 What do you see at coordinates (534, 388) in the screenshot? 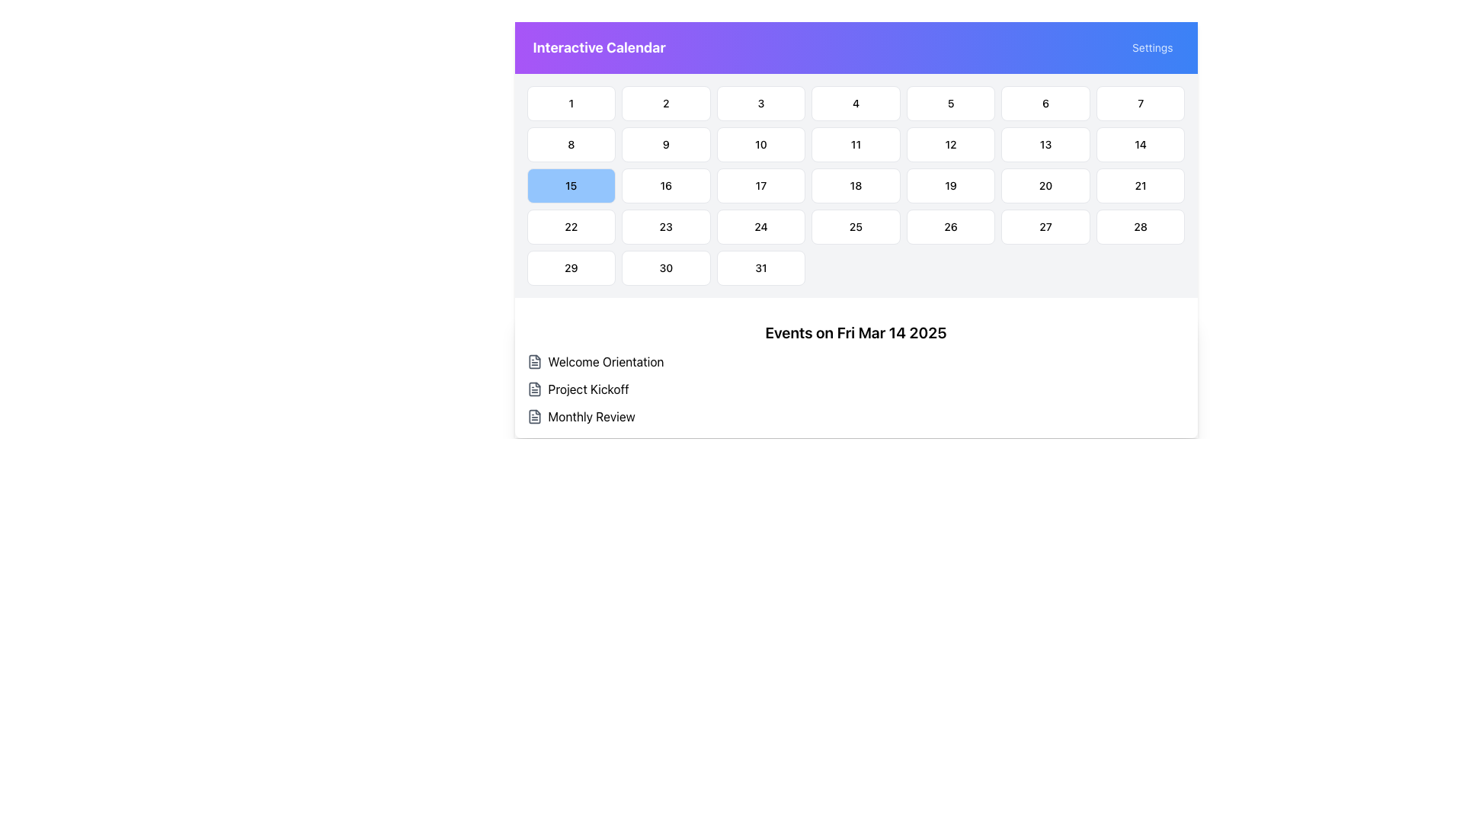
I see `the document file icon located to the left of the text 'Project Kickoff' in the list of events for 'Fri Mar 14 2025'` at bounding box center [534, 388].